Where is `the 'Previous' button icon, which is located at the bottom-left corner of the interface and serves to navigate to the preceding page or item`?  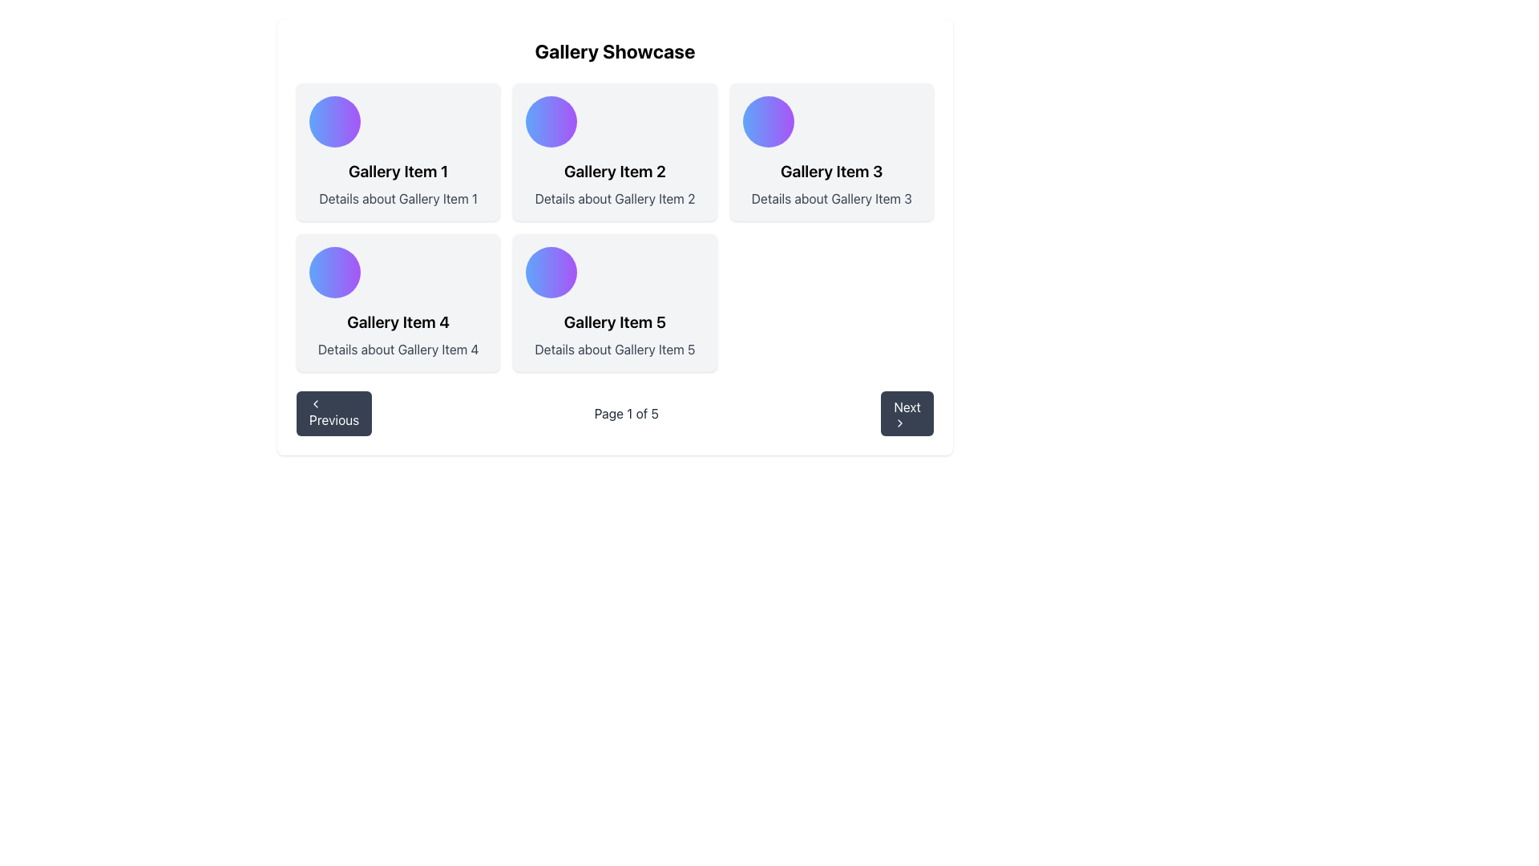
the 'Previous' button icon, which is located at the bottom-left corner of the interface and serves to navigate to the preceding page or item is located at coordinates (315, 403).